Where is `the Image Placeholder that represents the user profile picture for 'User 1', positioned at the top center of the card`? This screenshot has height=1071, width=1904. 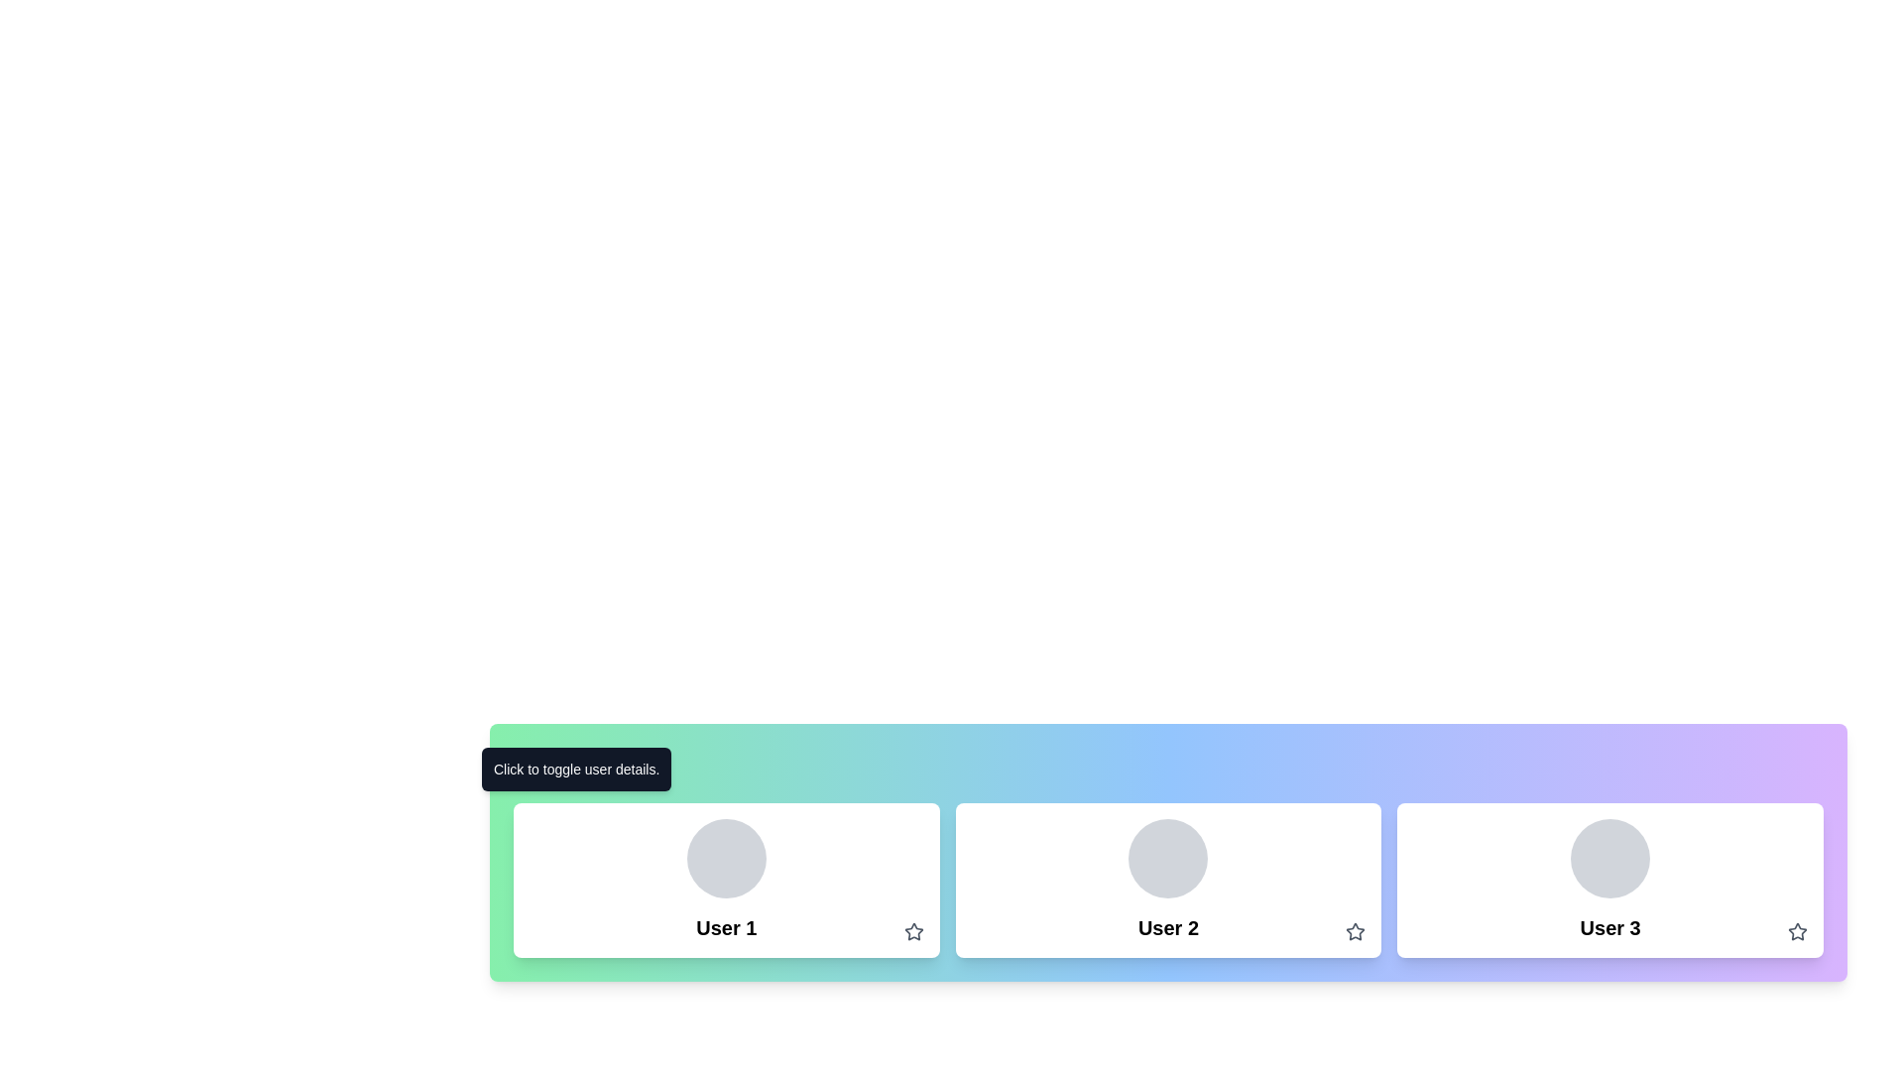
the Image Placeholder that represents the user profile picture for 'User 1', positioned at the top center of the card is located at coordinates (725, 858).